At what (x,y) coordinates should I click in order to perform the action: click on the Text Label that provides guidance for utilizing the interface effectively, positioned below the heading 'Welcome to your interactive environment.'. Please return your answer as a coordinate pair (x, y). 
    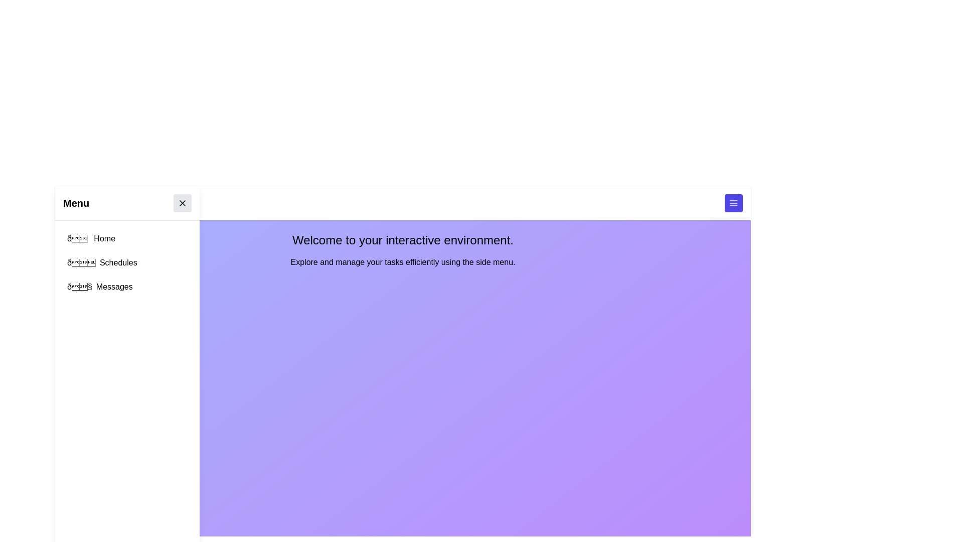
    Looking at the image, I should click on (403, 262).